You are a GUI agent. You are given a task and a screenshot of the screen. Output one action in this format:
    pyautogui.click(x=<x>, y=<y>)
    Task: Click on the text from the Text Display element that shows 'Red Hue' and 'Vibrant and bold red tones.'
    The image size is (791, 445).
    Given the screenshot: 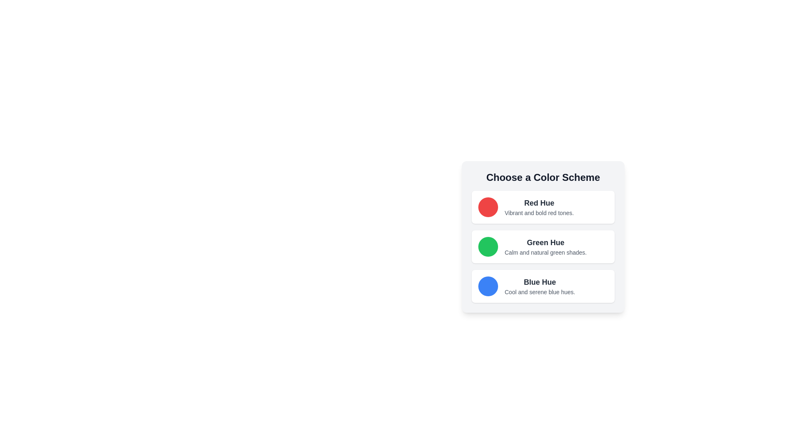 What is the action you would take?
    pyautogui.click(x=539, y=206)
    